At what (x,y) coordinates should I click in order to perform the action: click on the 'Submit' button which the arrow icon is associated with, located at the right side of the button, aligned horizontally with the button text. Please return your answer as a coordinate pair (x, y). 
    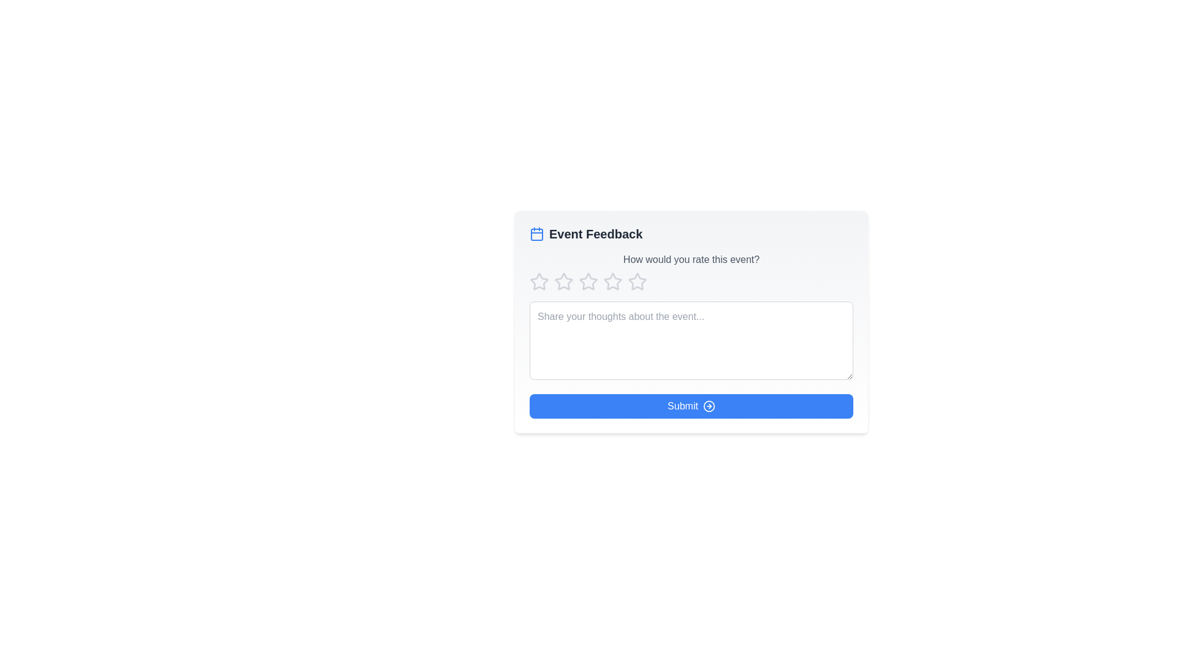
    Looking at the image, I should click on (709, 406).